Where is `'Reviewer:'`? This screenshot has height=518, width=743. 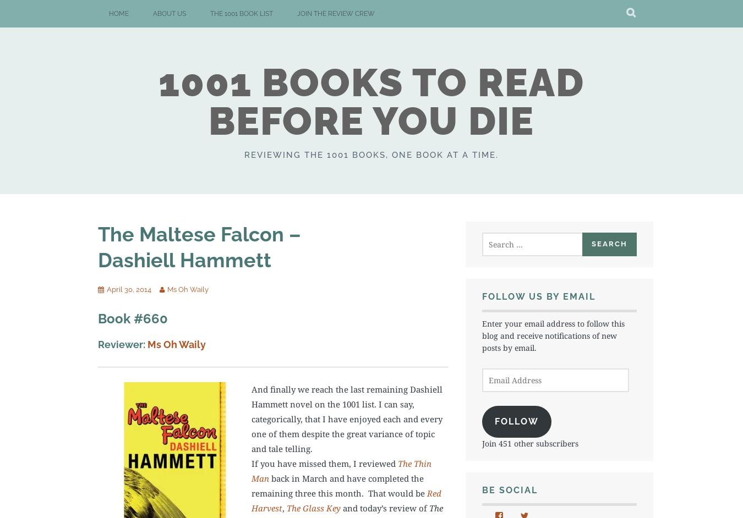 'Reviewer:' is located at coordinates (121, 344).